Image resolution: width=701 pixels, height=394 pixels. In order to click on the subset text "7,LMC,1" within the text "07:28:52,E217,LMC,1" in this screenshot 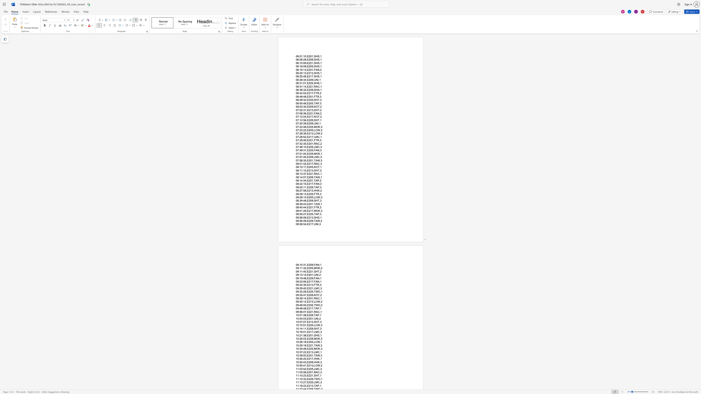, I will do `click(311, 136)`.